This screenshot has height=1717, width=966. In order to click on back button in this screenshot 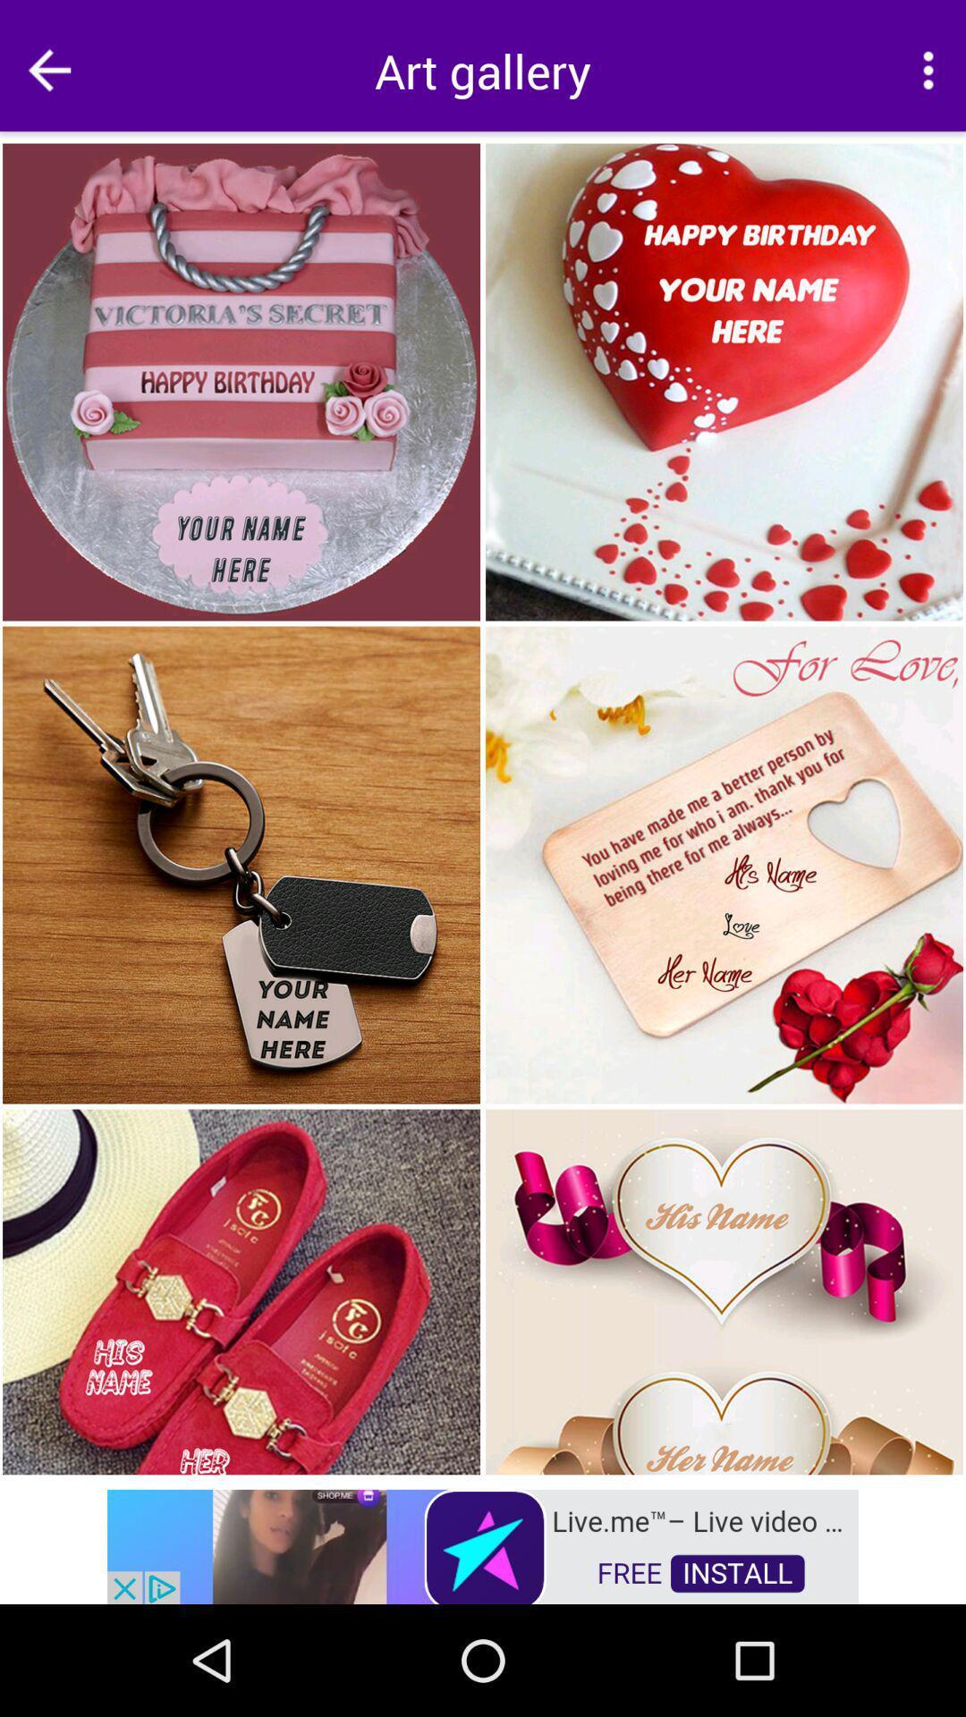, I will do `click(48, 70)`.